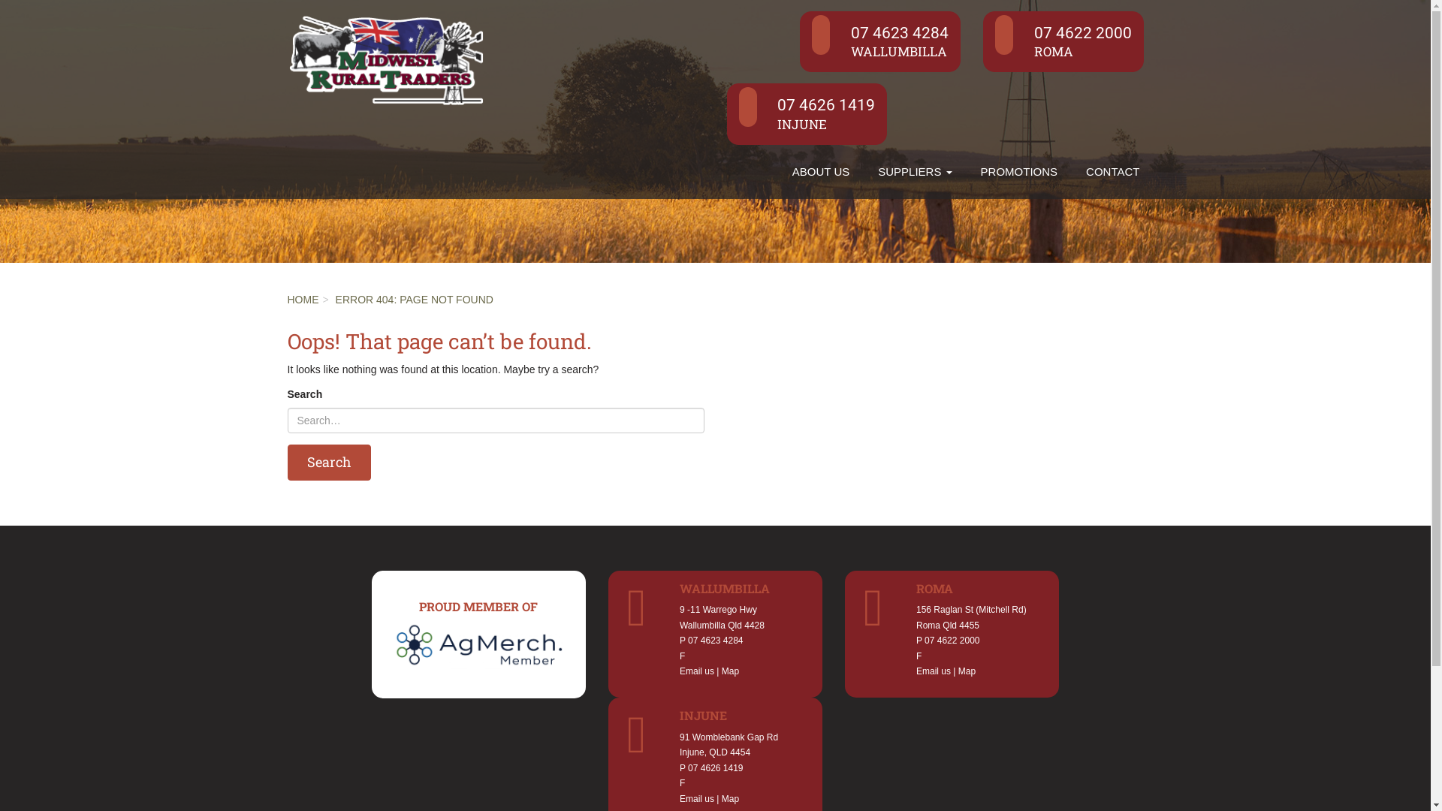  I want to click on 'SUPPLIERS', so click(914, 170).